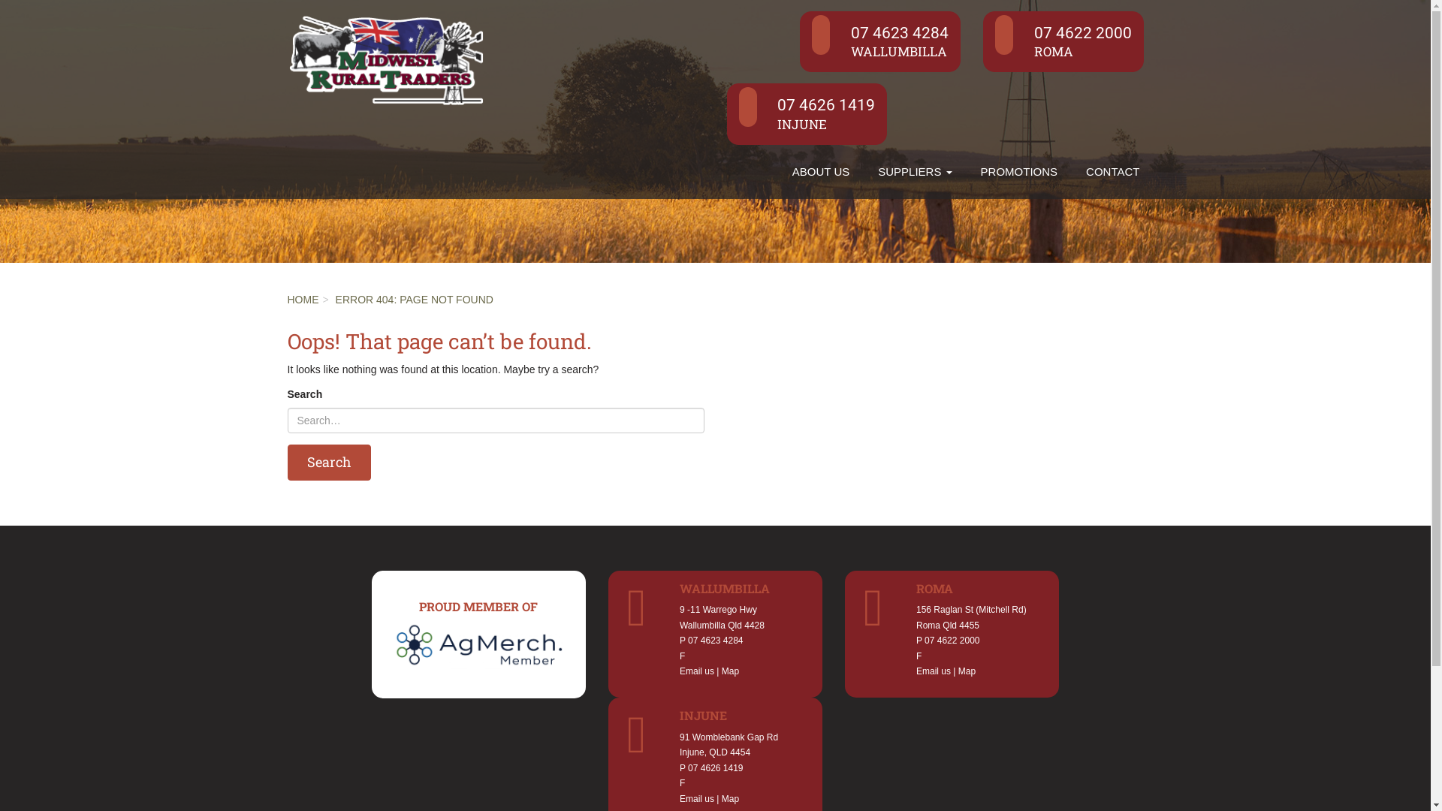  I want to click on 'SUPPLIERS', so click(914, 170).